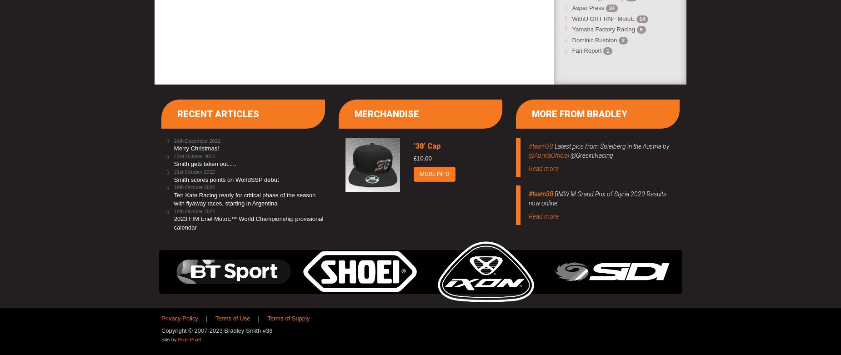 Image resolution: width=841 pixels, height=355 pixels. Describe the element at coordinates (196, 140) in the screenshot. I see `'24th December 2022'` at that location.